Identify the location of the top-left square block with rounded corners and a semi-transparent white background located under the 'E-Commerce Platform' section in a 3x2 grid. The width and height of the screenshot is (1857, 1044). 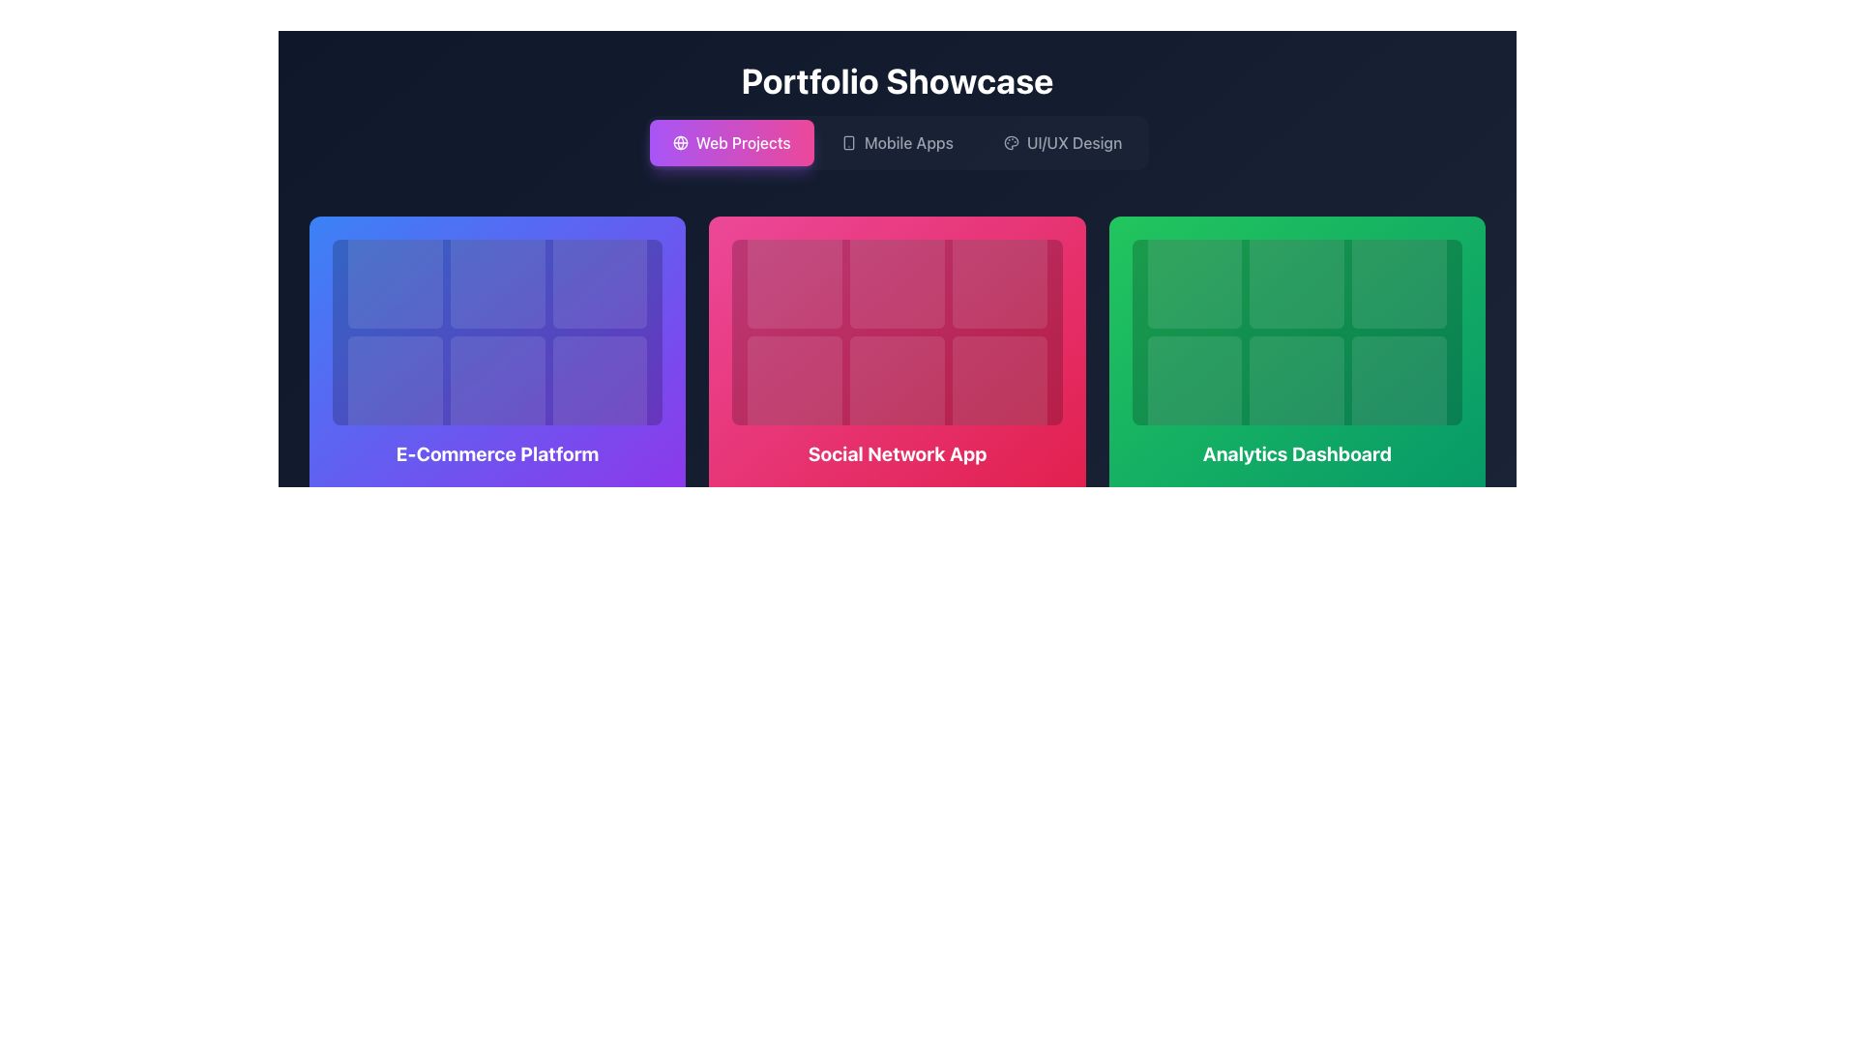
(394, 281).